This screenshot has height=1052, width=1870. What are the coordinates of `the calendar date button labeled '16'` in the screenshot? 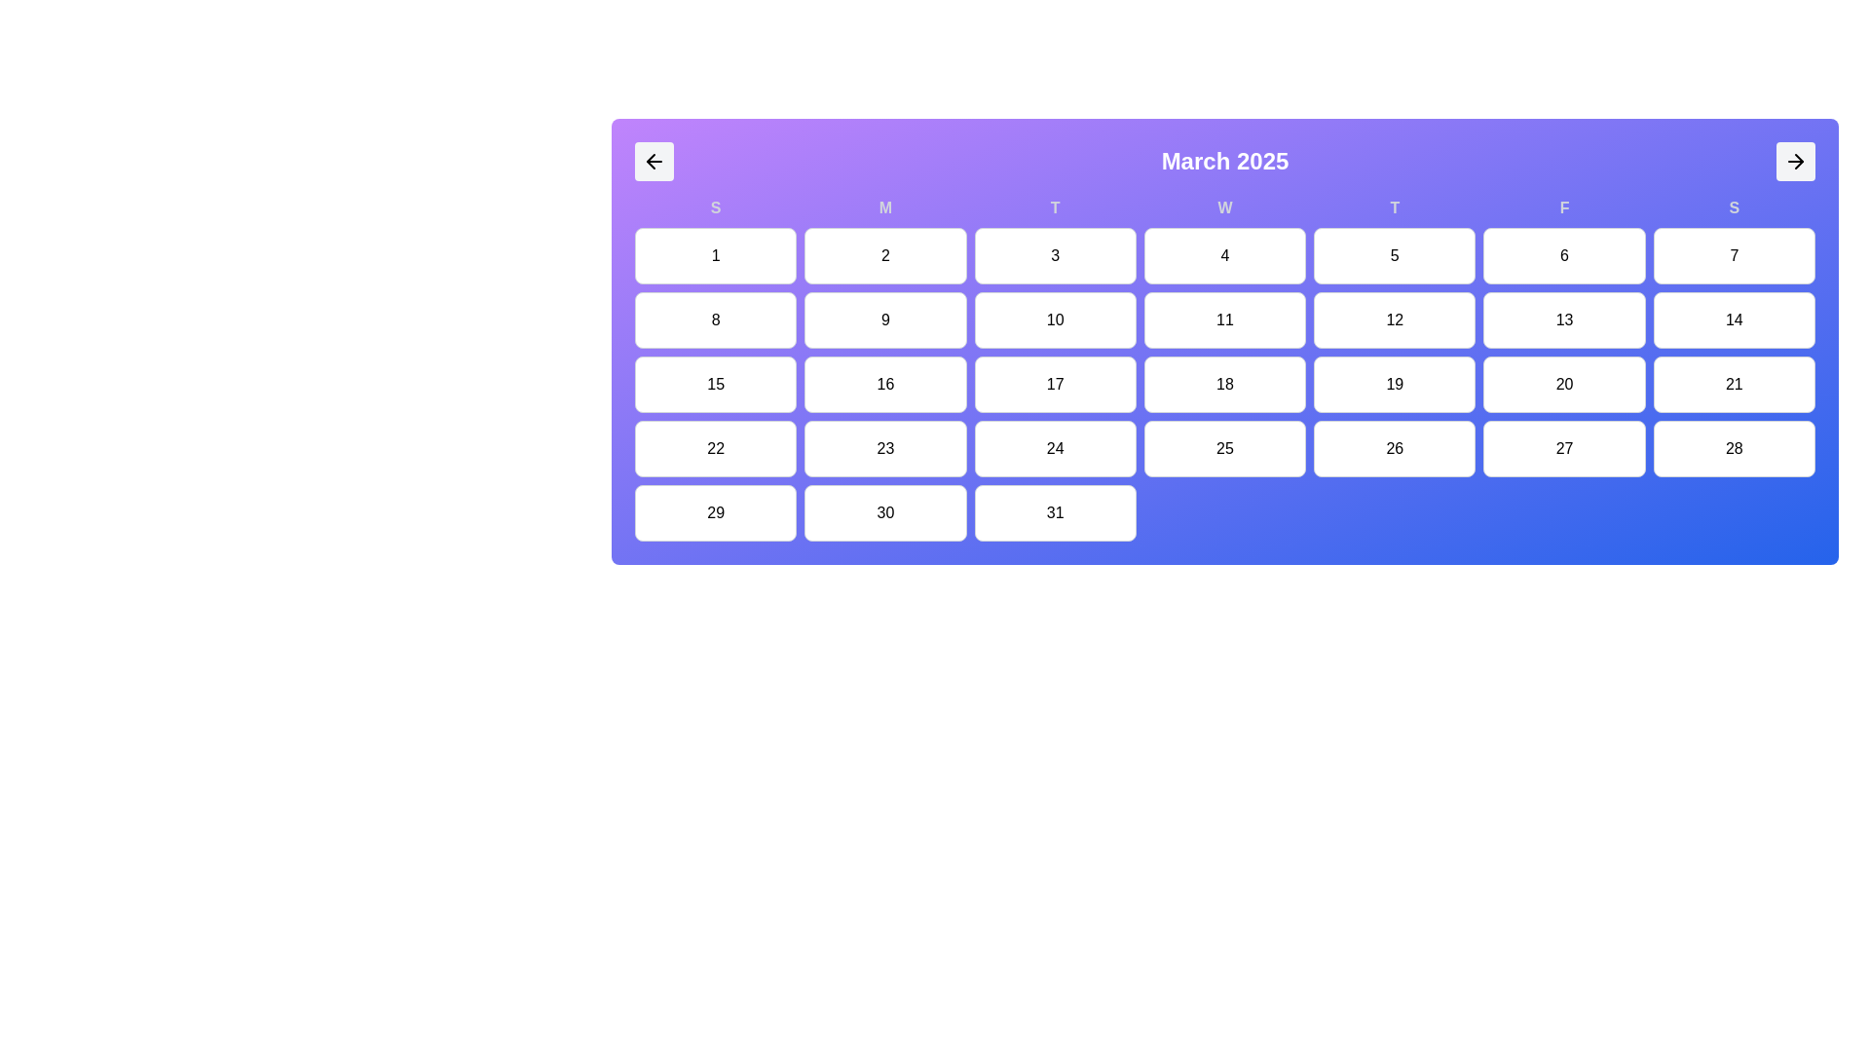 It's located at (884, 384).